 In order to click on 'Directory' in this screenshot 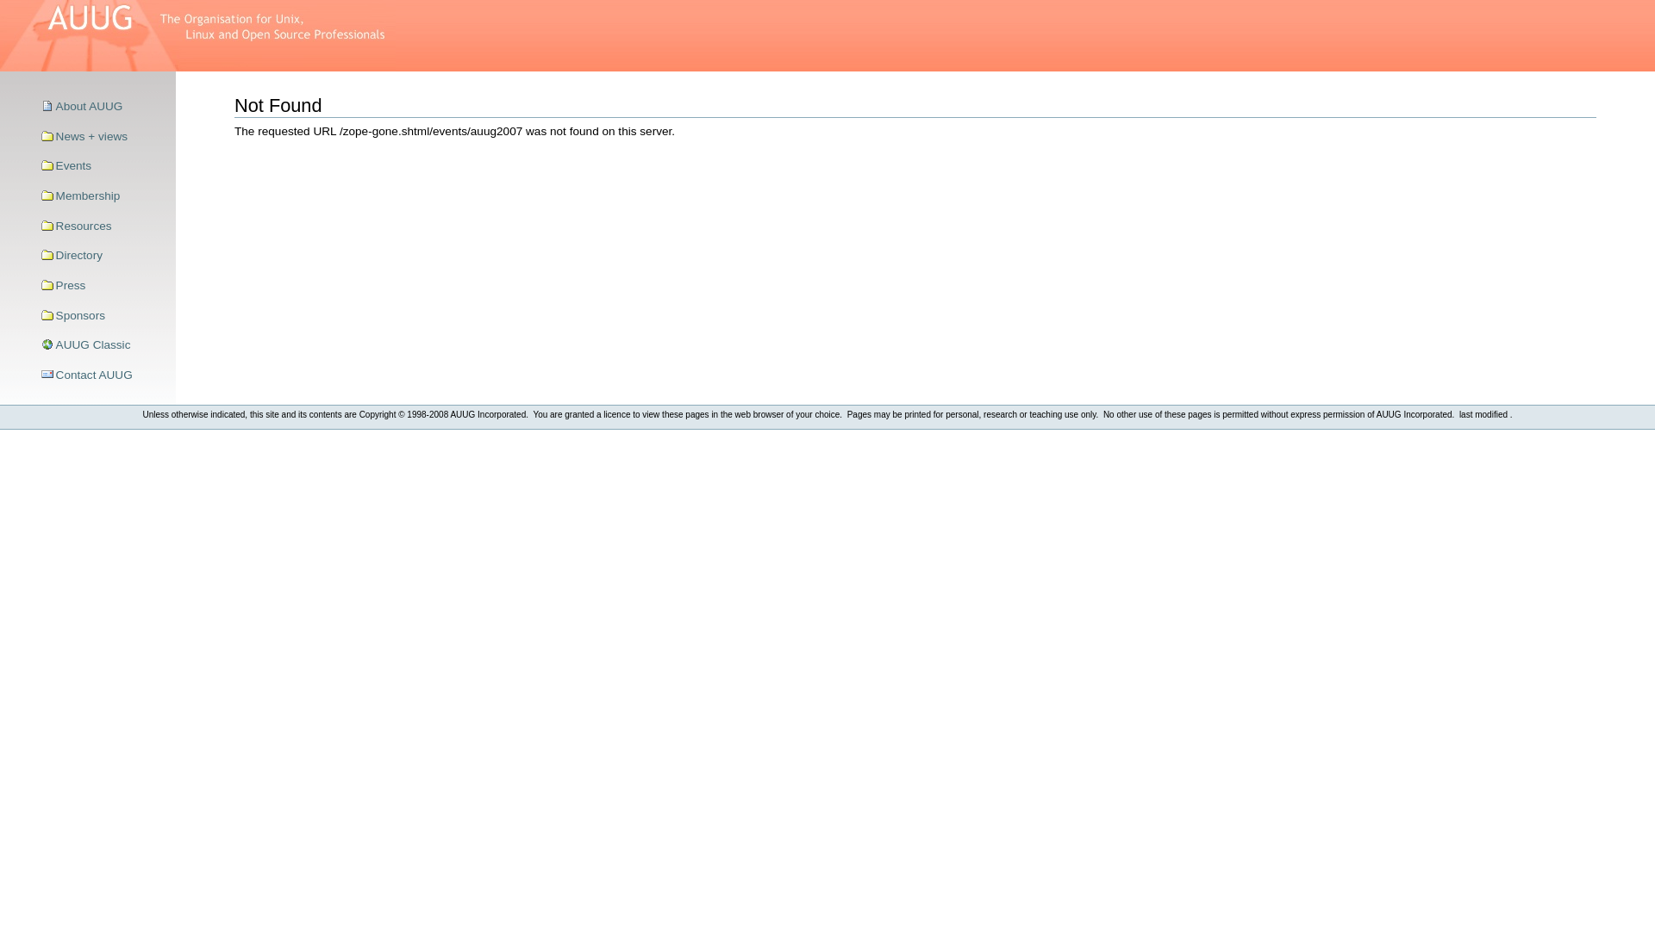, I will do `click(41, 256)`.